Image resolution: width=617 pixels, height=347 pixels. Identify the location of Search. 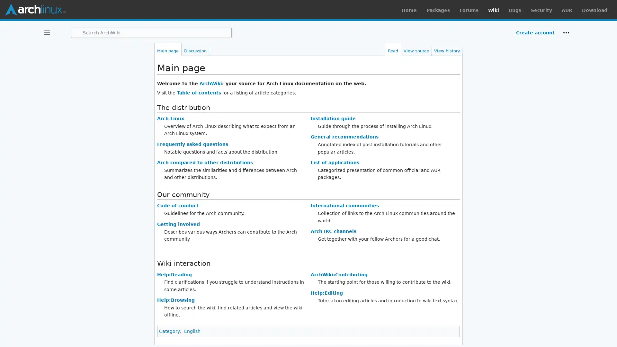
(77, 32).